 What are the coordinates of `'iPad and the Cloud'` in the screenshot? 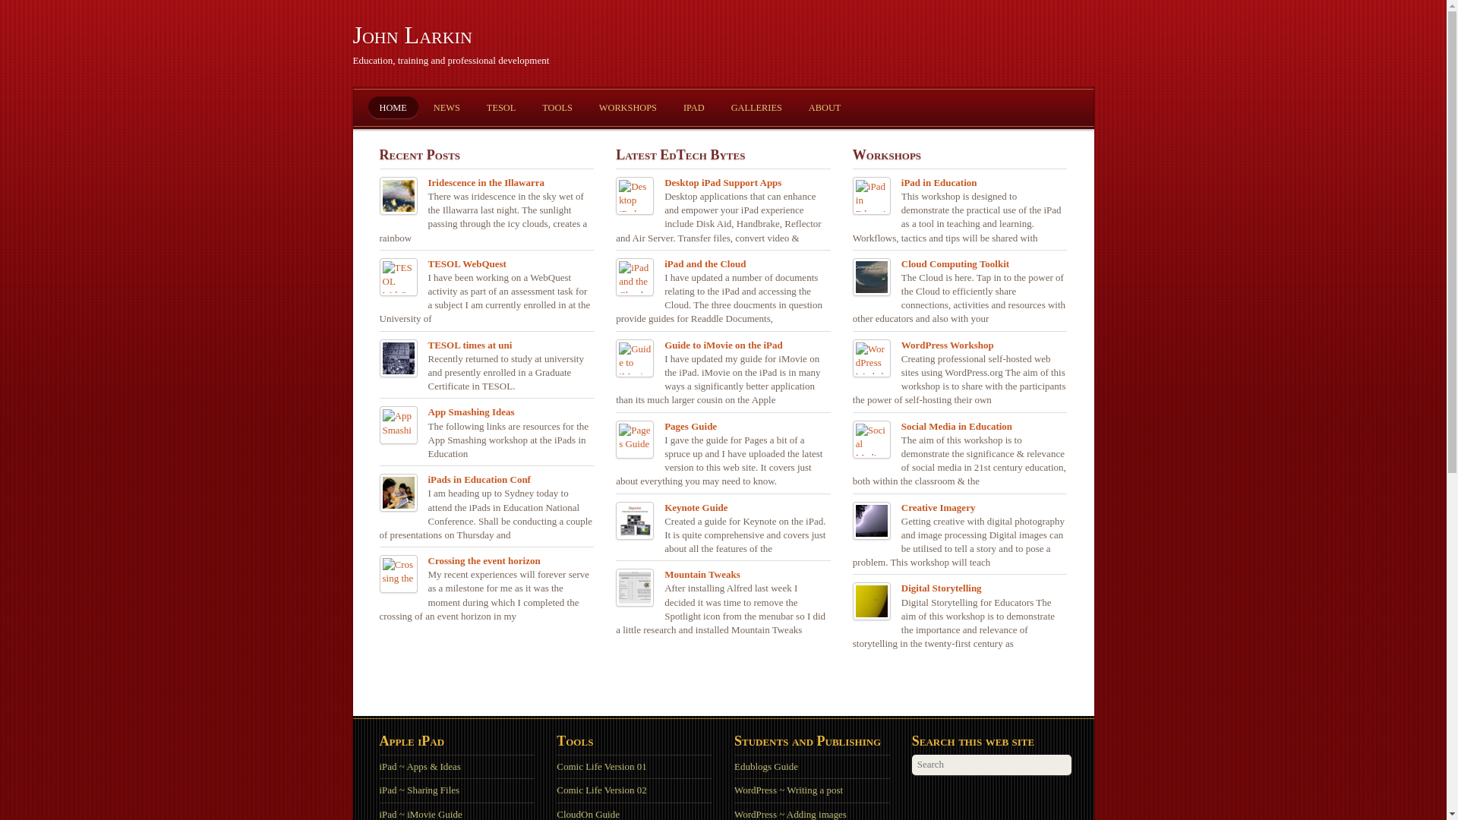 It's located at (704, 263).